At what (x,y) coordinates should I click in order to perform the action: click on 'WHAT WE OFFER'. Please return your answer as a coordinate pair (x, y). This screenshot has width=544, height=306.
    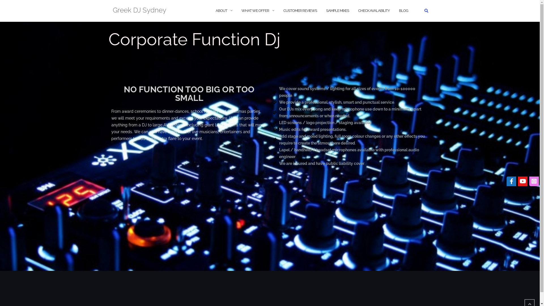
    Looking at the image, I should click on (255, 10).